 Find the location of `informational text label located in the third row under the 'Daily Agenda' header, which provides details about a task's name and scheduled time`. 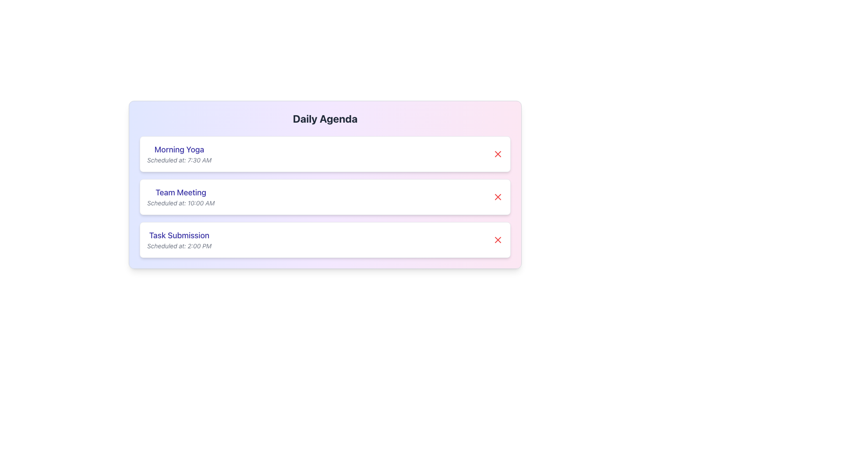

informational text label located in the third row under the 'Daily Agenda' header, which provides details about a task's name and scheduled time is located at coordinates (179, 240).